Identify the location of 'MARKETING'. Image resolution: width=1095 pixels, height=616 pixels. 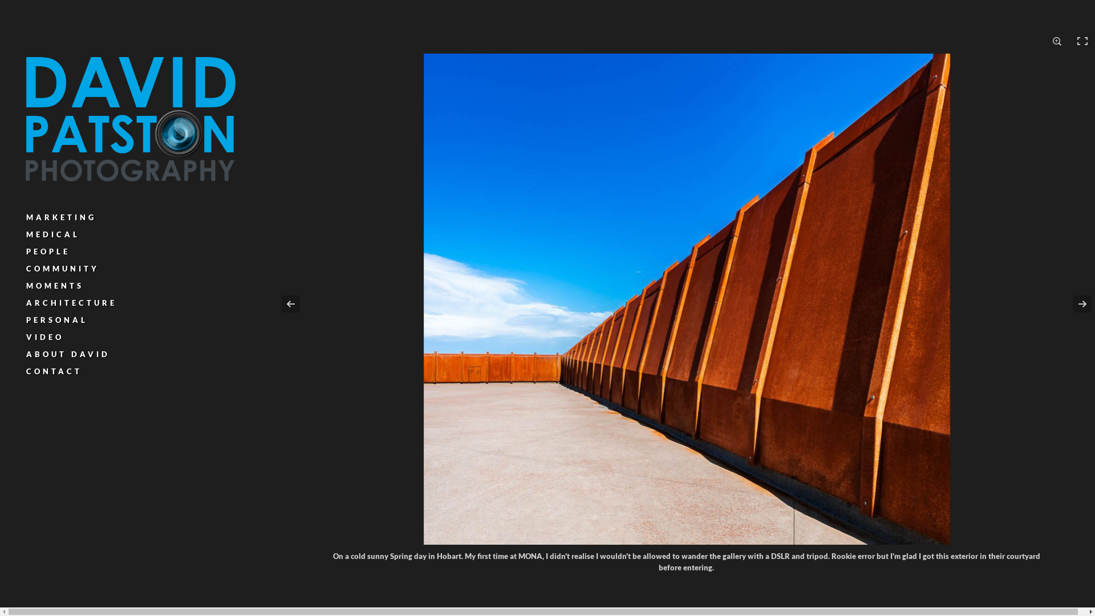
(60, 217).